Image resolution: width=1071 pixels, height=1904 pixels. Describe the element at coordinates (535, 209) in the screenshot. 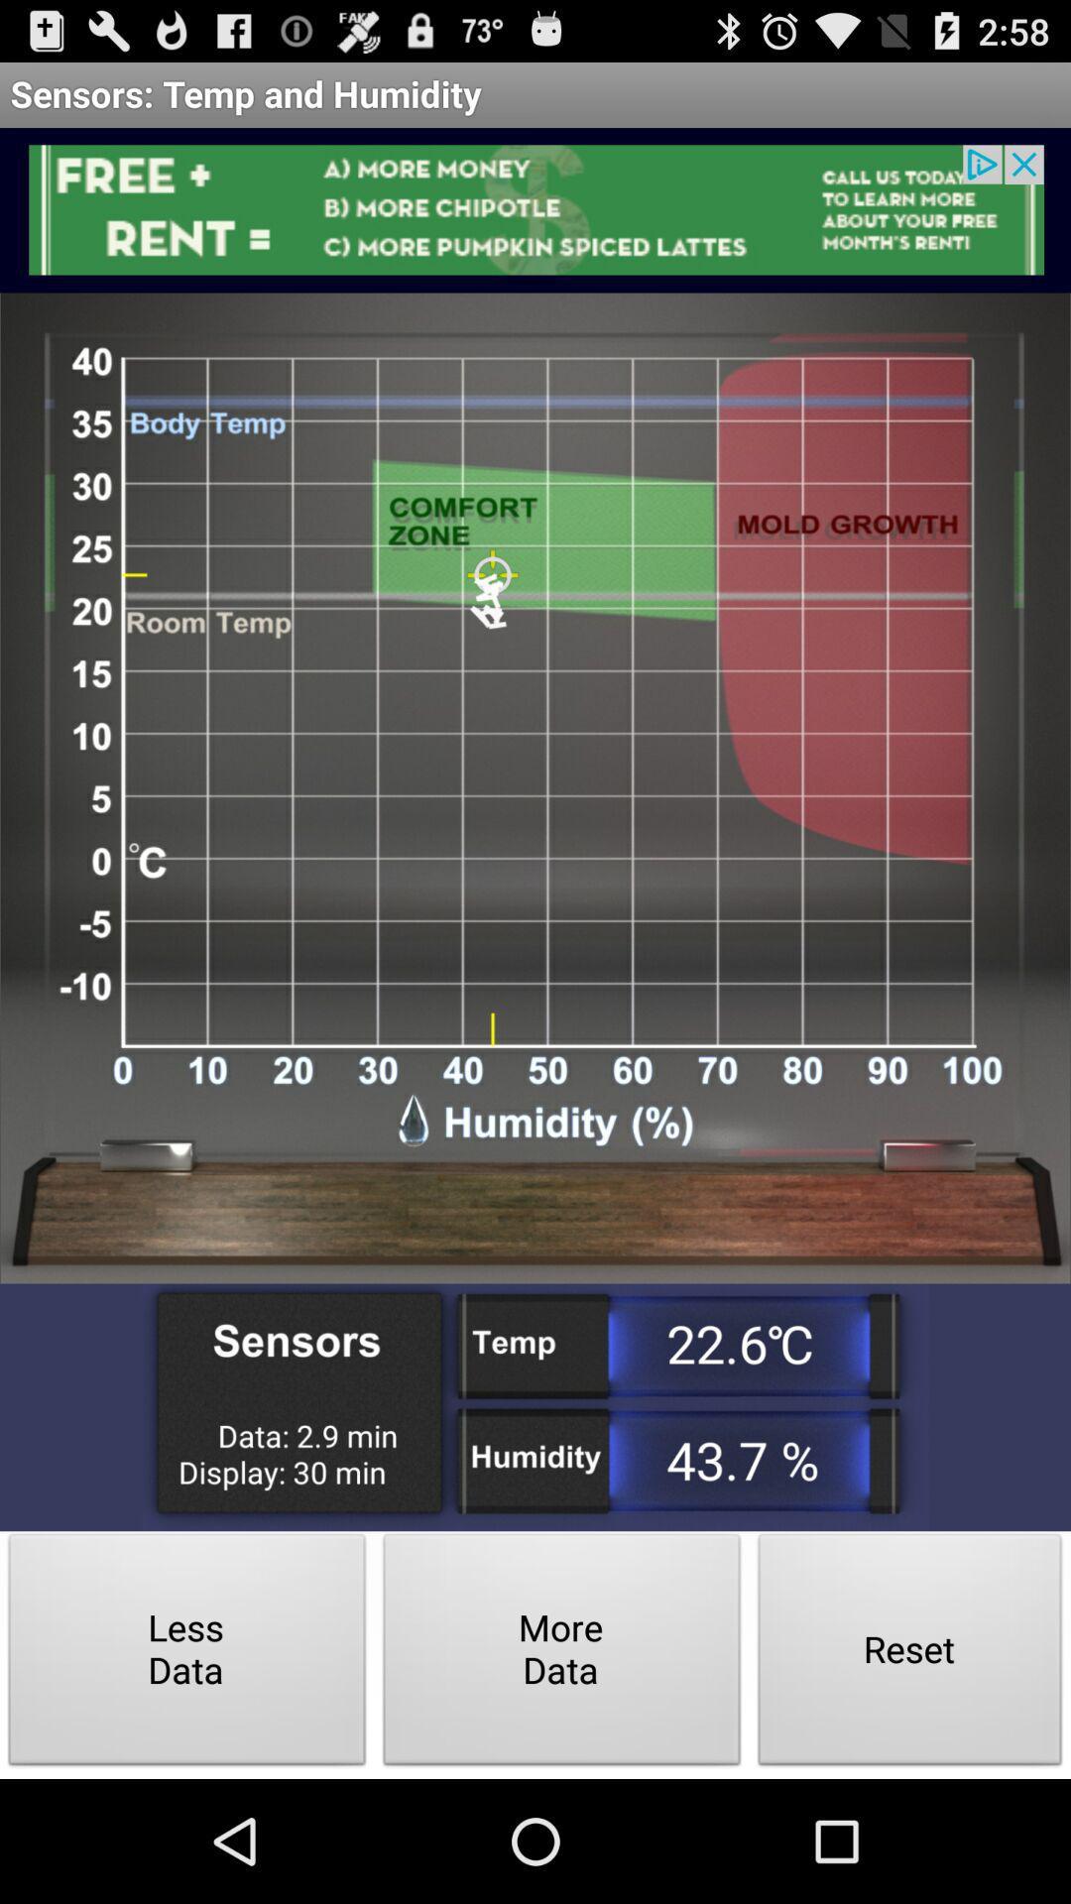

I see `the item below sensors temp and item` at that location.